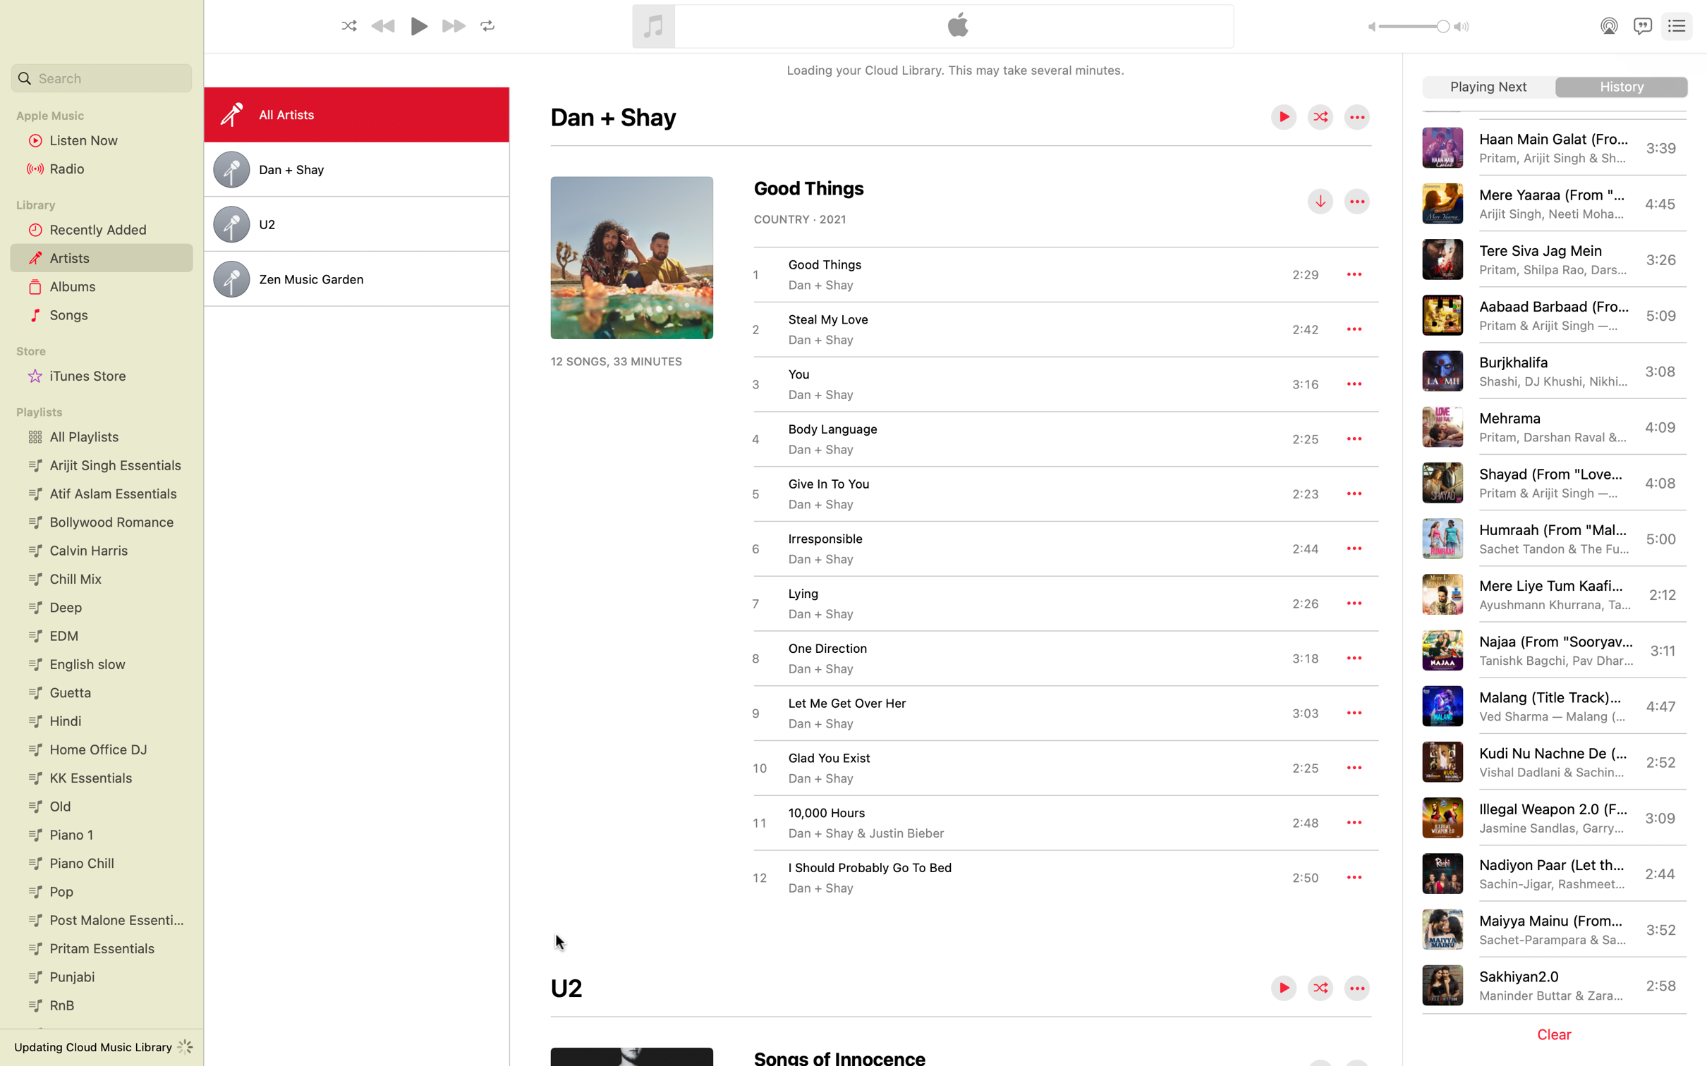  What do you see at coordinates (1352, 384) in the screenshot?
I see `the more options menu for the song "You` at bounding box center [1352, 384].